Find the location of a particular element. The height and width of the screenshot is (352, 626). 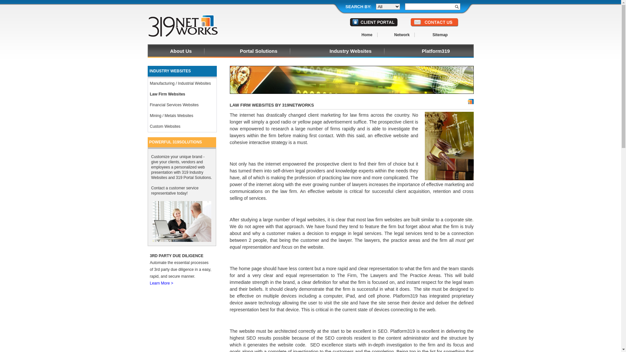

'Law Firm Websites' is located at coordinates (182, 94).